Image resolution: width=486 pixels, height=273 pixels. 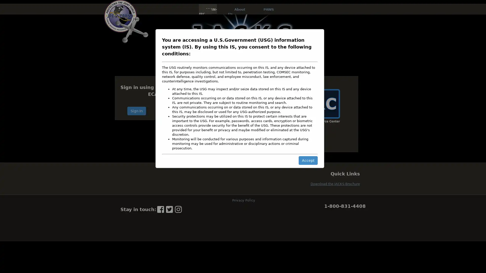 What do you see at coordinates (308, 160) in the screenshot?
I see `Accept` at bounding box center [308, 160].